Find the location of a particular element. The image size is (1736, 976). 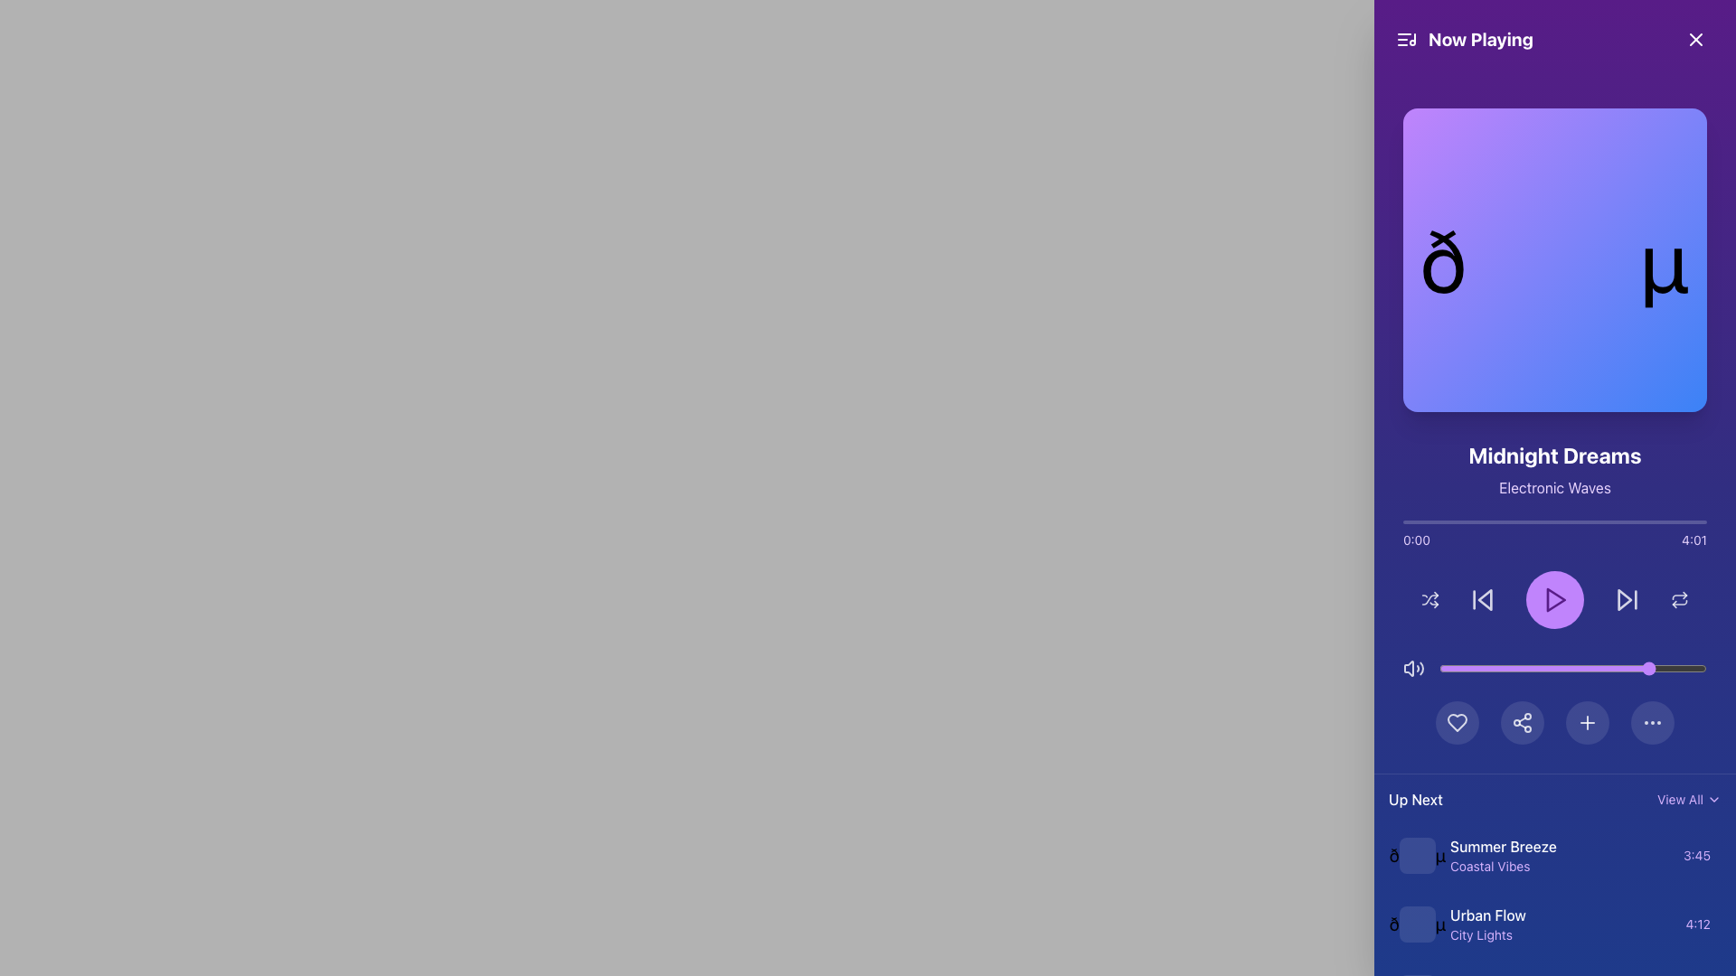

slider value is located at coordinates (1561, 669).